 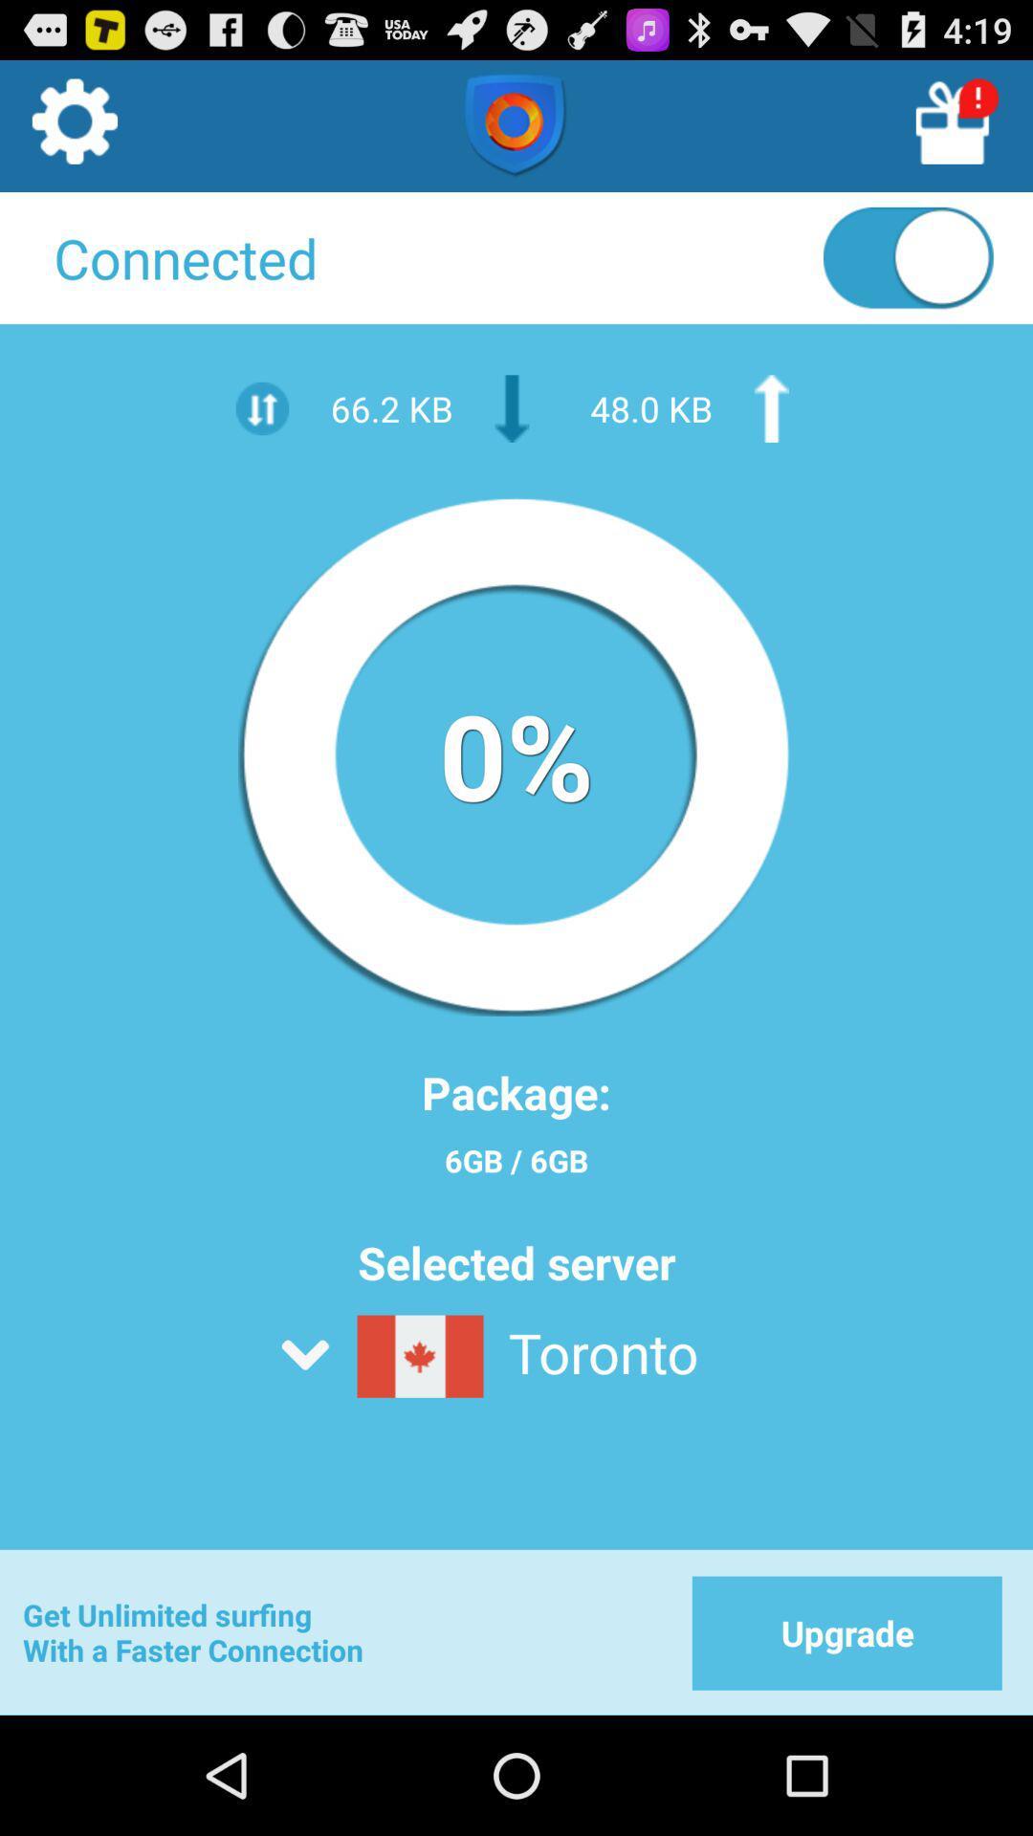 What do you see at coordinates (907, 261) in the screenshot?
I see `connection off` at bounding box center [907, 261].